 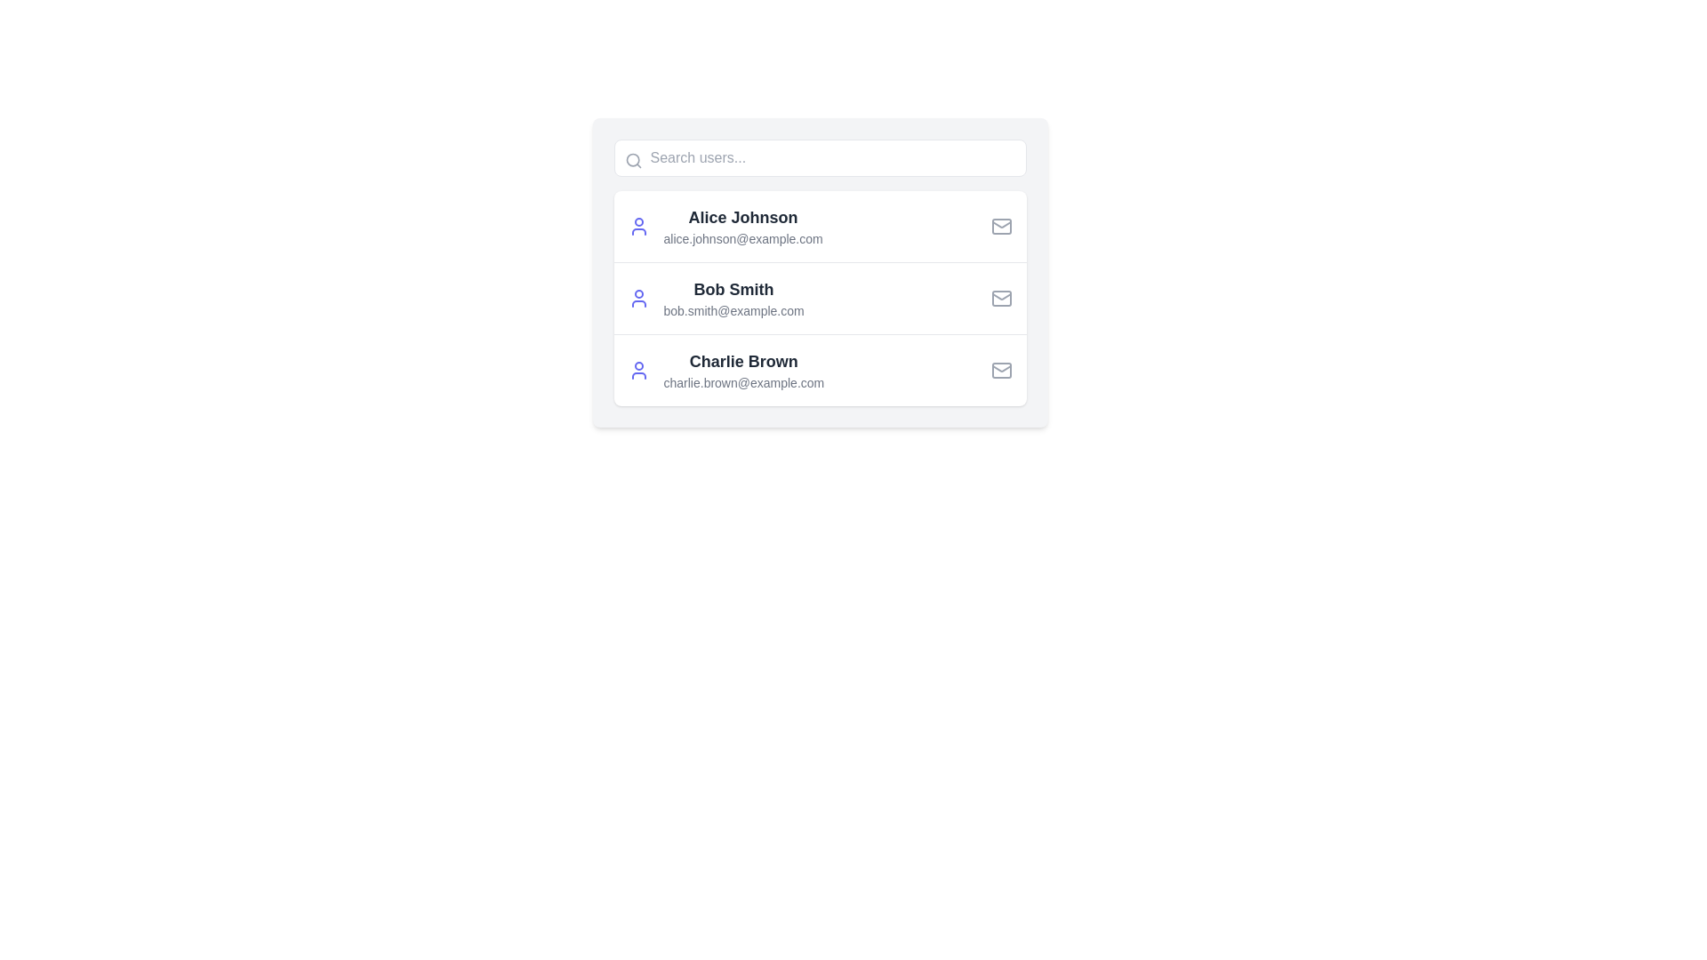 I want to click on the inner circular part of the magnifying glass icon that represents the search function, located to the left of the input field labeled 'Search users...', so click(x=632, y=160).